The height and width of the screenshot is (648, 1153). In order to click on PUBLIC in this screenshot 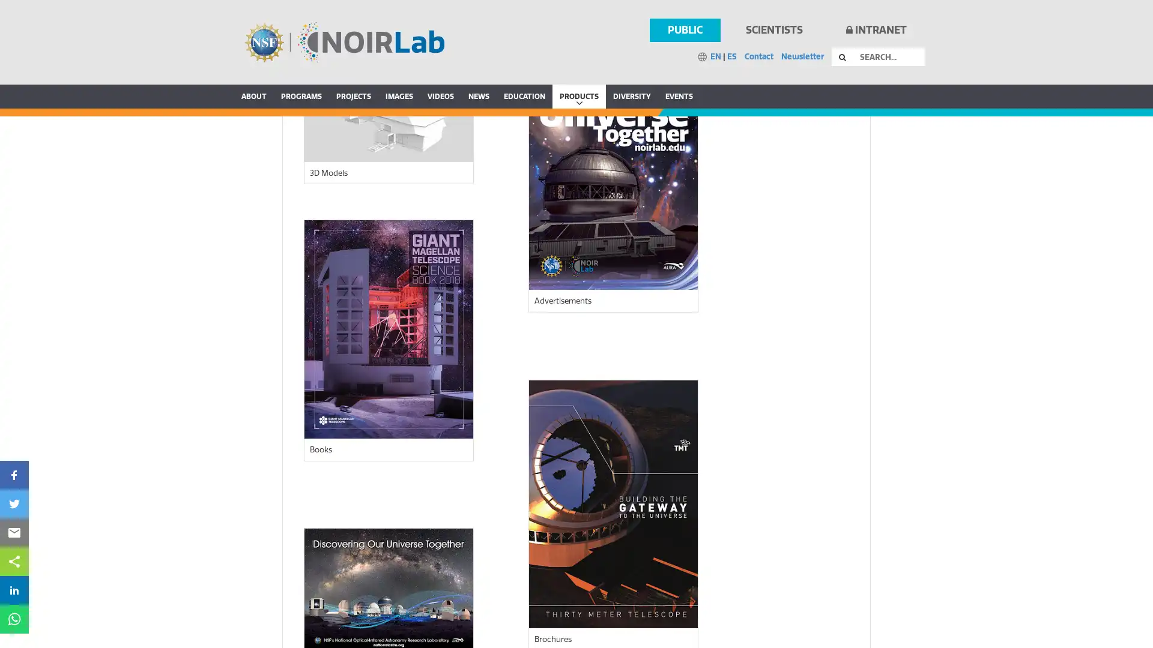, I will do `click(685, 29)`.